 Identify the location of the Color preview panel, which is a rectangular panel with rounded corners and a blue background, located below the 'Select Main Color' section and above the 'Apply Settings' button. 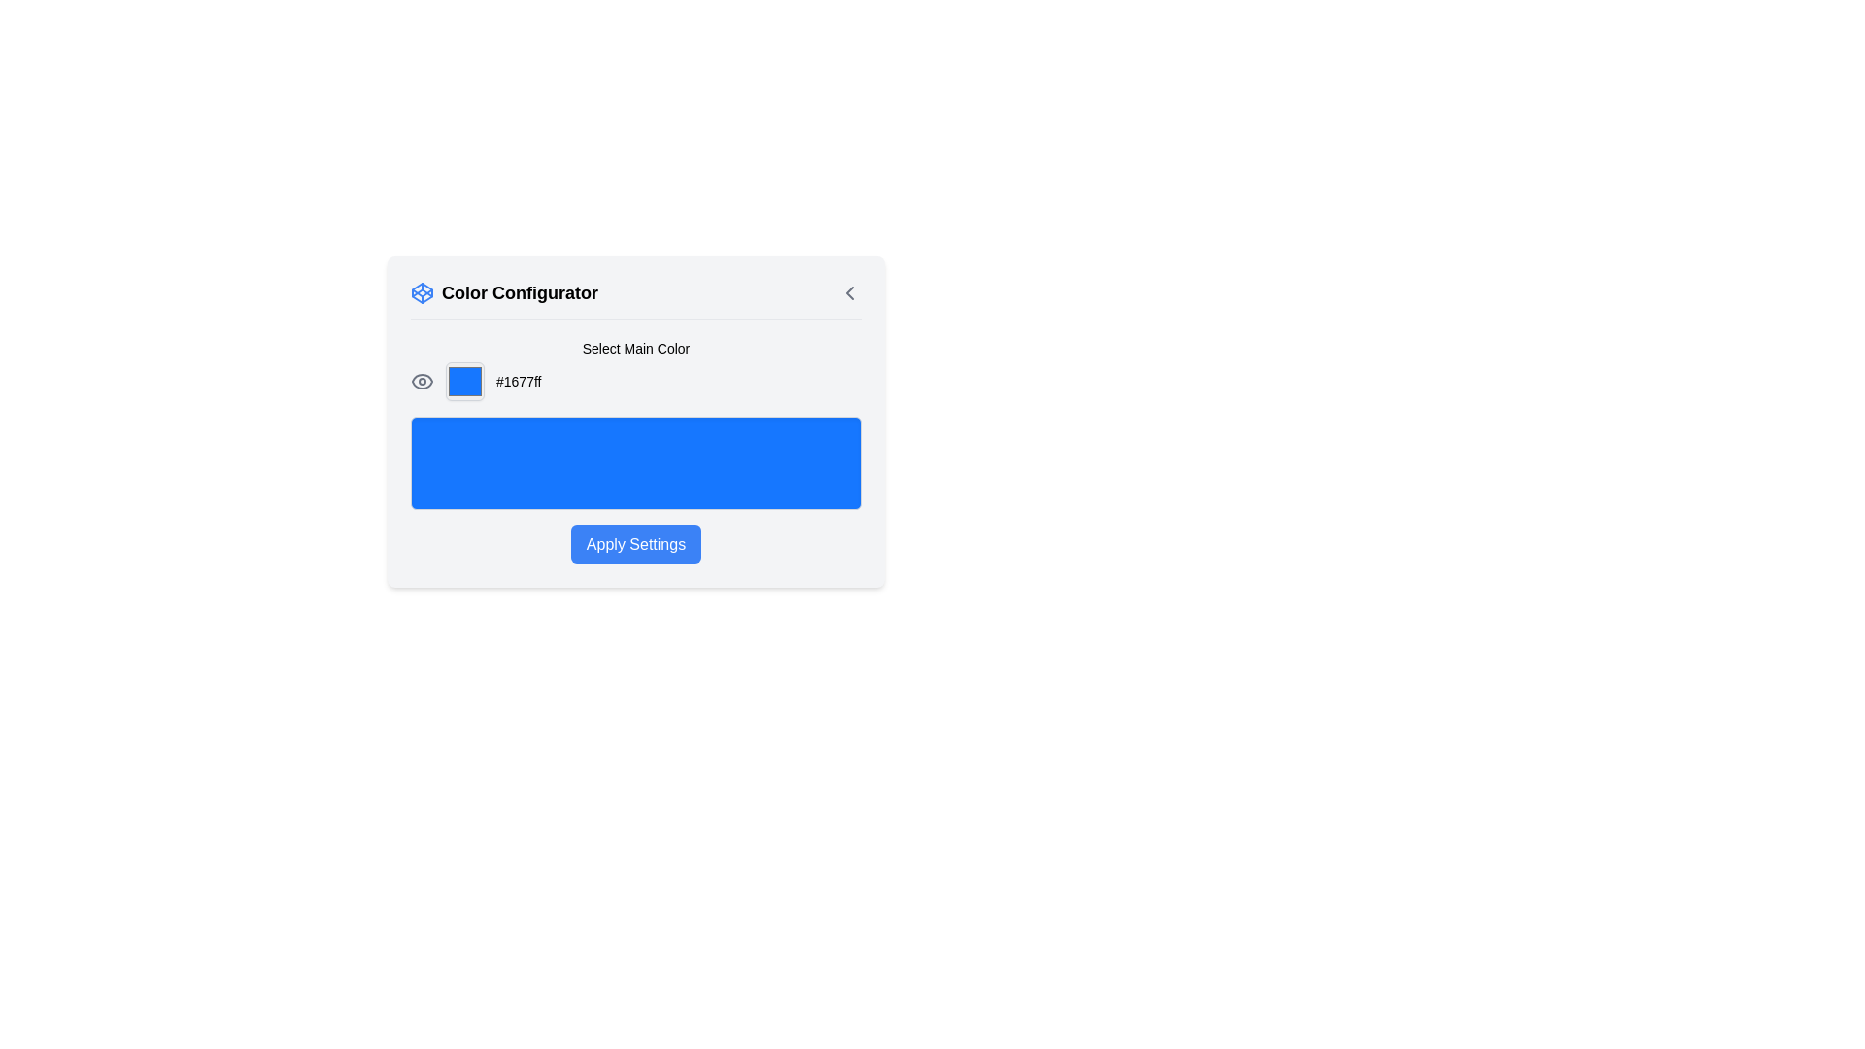
(635, 463).